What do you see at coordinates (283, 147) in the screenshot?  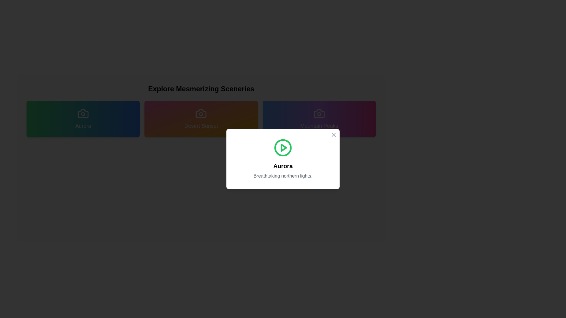 I see `the green circular play button with a white triangle, located at the center of the modal dialog box above the text 'Aurora' and 'Breathtaking northern lights'` at bounding box center [283, 147].